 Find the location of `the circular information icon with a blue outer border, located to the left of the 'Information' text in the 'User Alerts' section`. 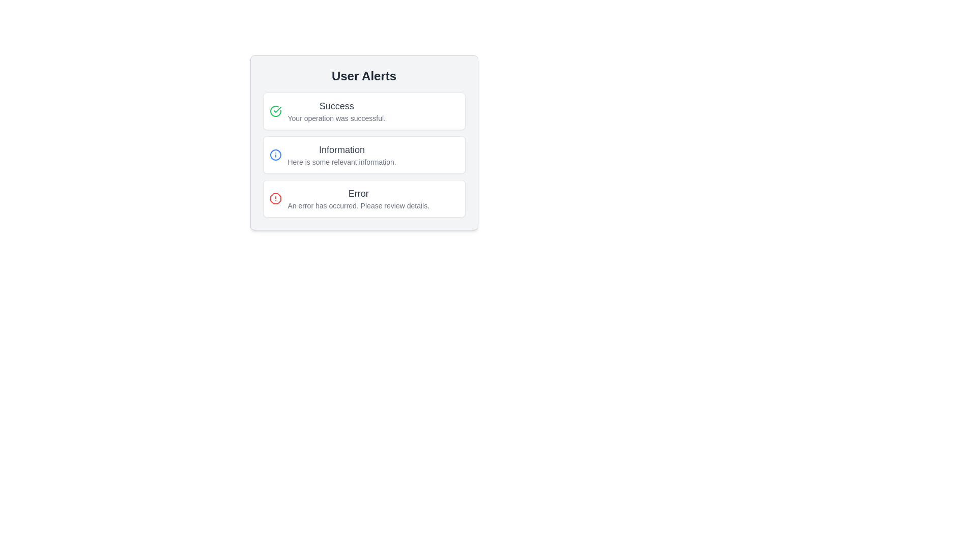

the circular information icon with a blue outer border, located to the left of the 'Information' text in the 'User Alerts' section is located at coordinates (275, 155).